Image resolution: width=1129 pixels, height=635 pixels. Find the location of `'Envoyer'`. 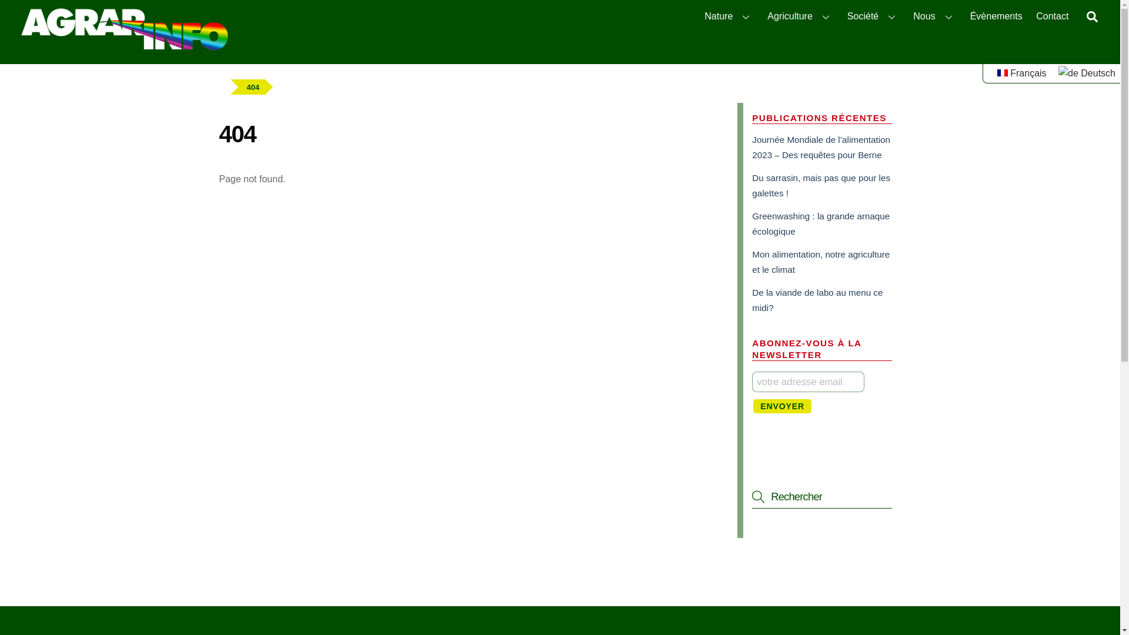

'Envoyer' is located at coordinates (782, 405).